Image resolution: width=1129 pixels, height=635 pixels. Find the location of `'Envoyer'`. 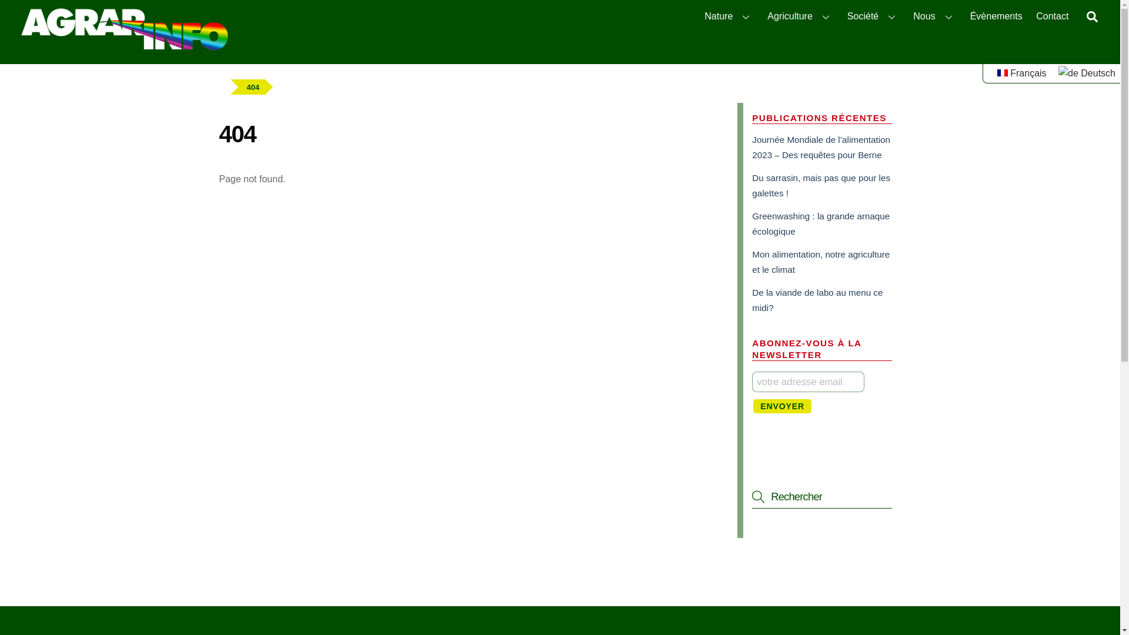

'Envoyer' is located at coordinates (782, 405).